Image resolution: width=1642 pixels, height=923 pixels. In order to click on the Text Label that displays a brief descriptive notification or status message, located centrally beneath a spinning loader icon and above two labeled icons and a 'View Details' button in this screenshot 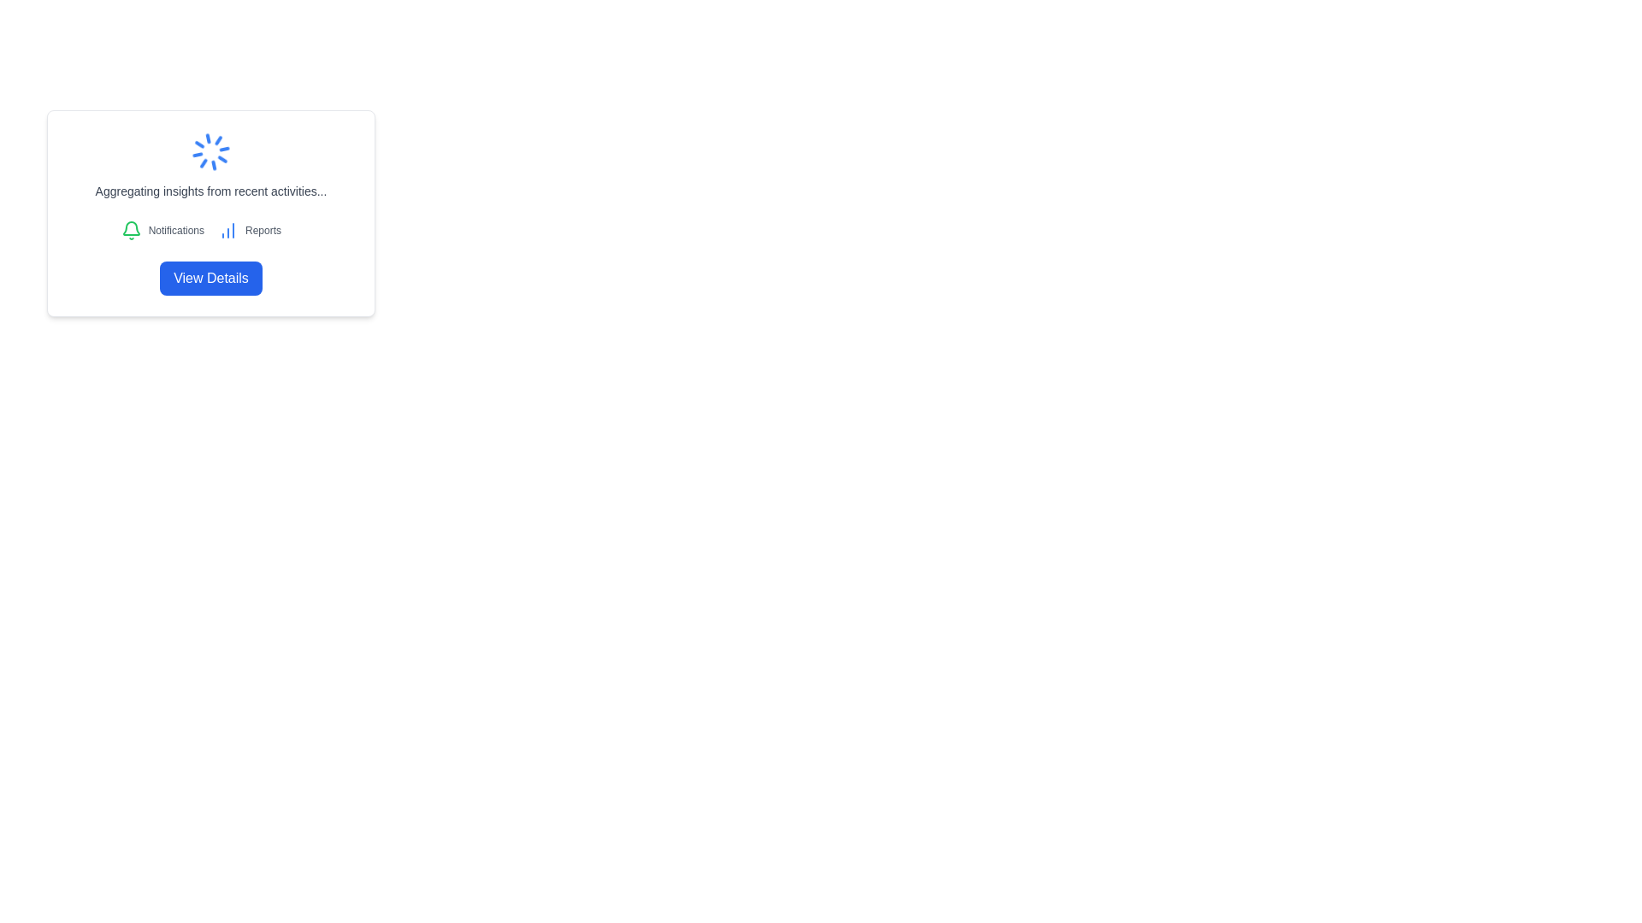, I will do `click(210, 191)`.